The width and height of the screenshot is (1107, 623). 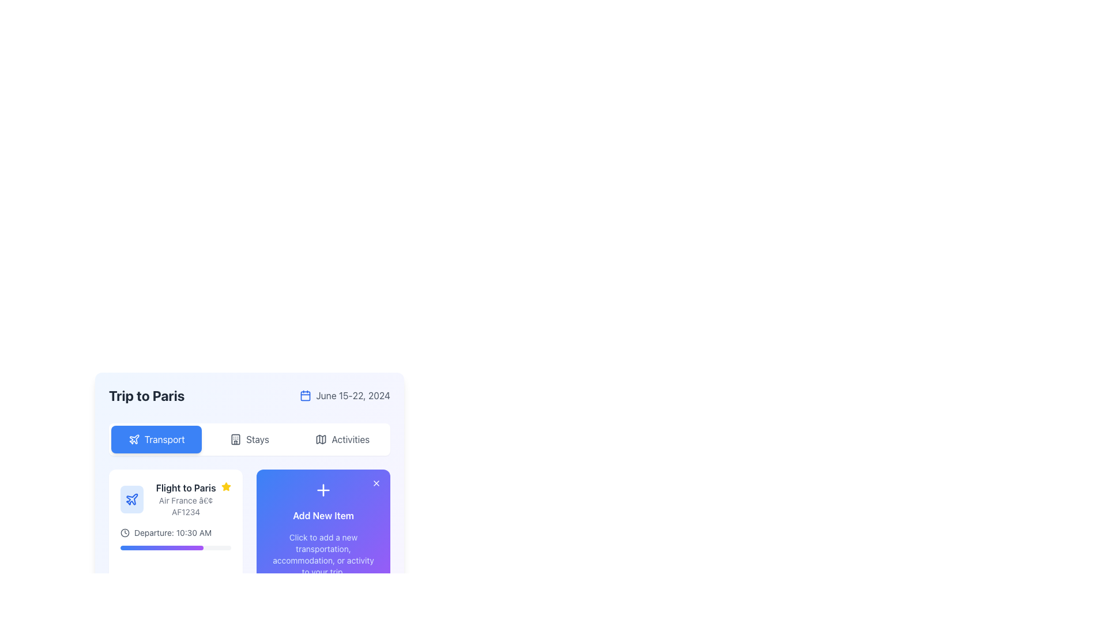 I want to click on the 'Activities' button by clicking the icon that visually represents the planning or exploring map-related activities, so click(x=321, y=440).